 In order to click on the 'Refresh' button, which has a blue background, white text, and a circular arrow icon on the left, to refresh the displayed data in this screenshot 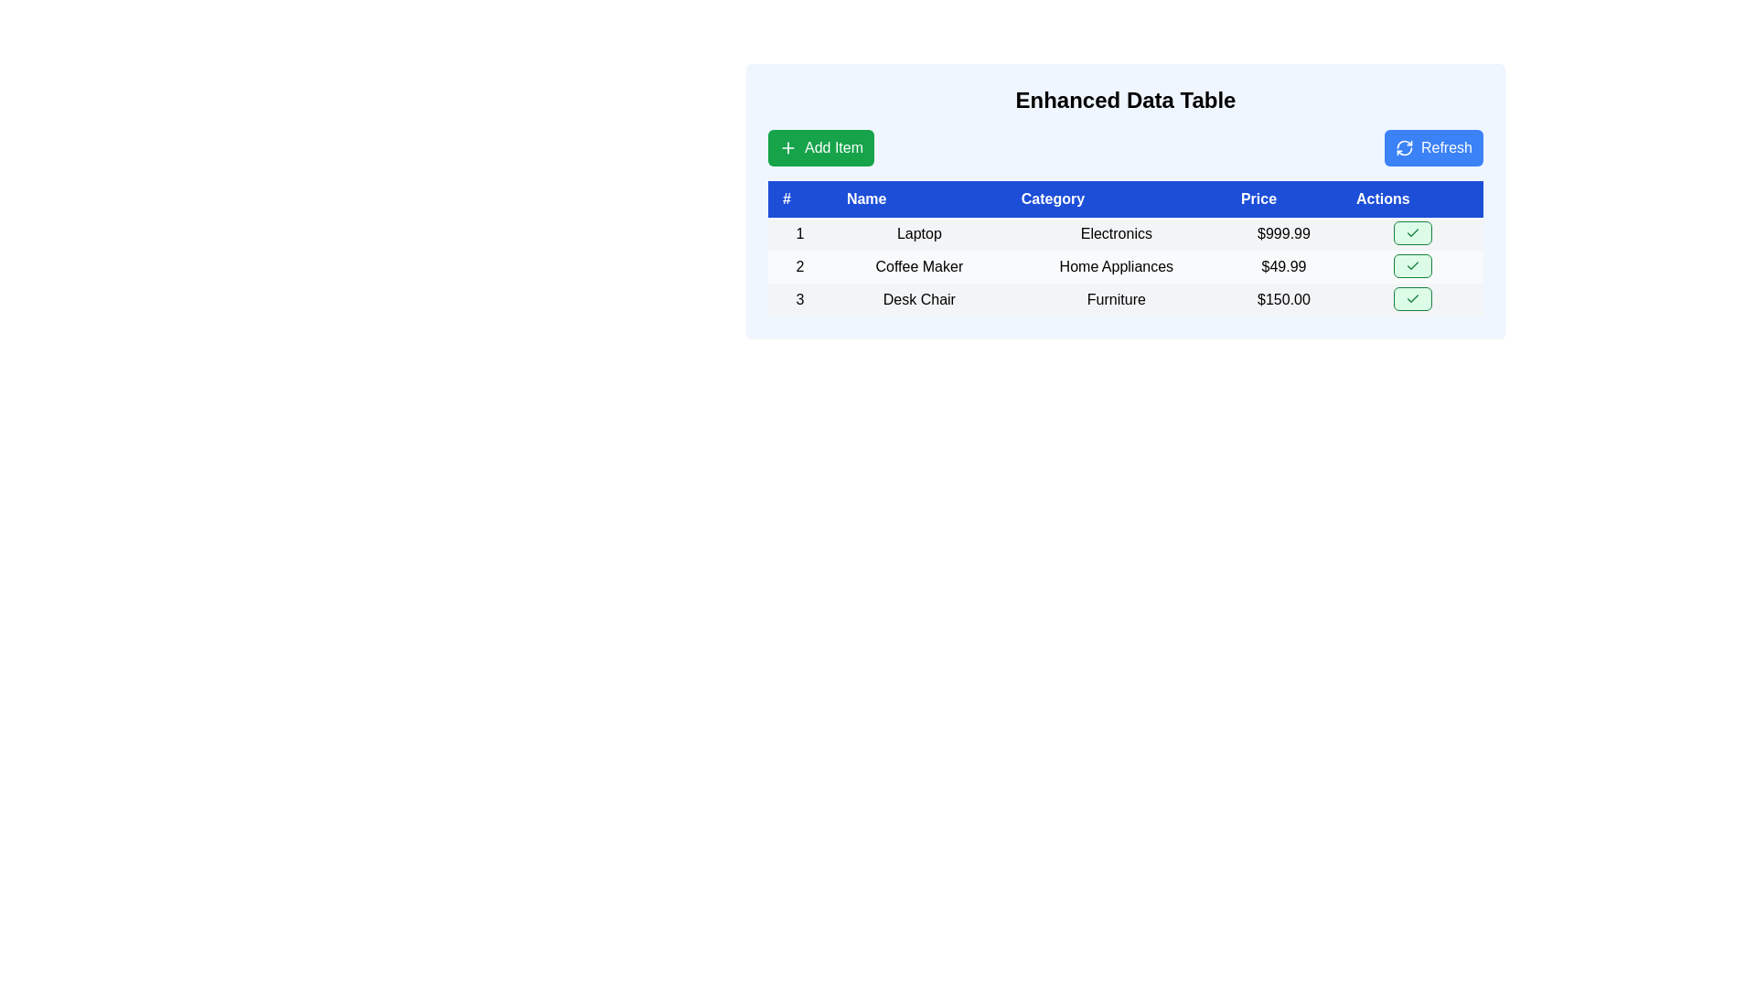, I will do `click(1433, 147)`.